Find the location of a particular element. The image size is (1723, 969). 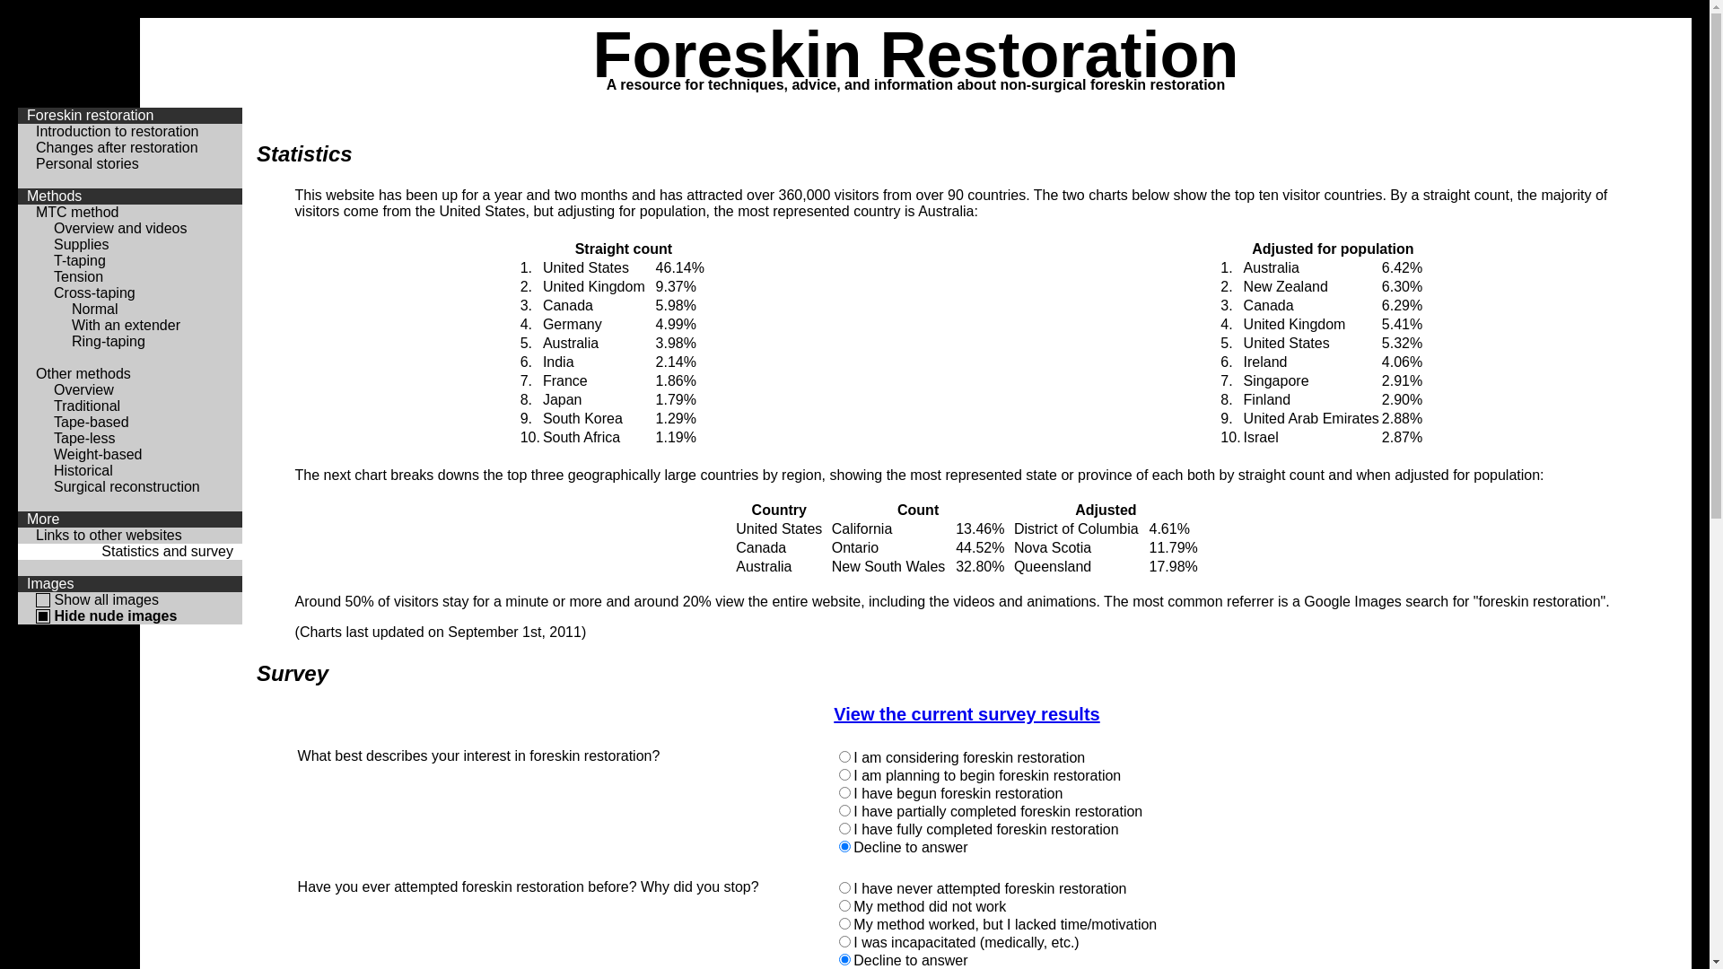

'Introduction to restoration' is located at coordinates (116, 130).